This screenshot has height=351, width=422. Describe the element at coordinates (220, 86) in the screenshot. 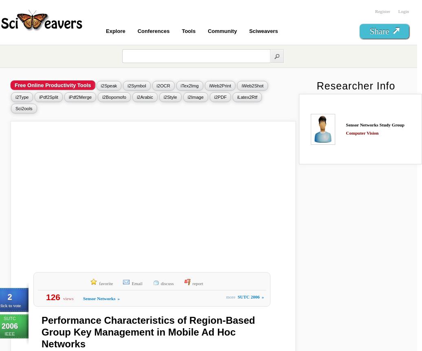

I see `'iWeb2Print'` at that location.